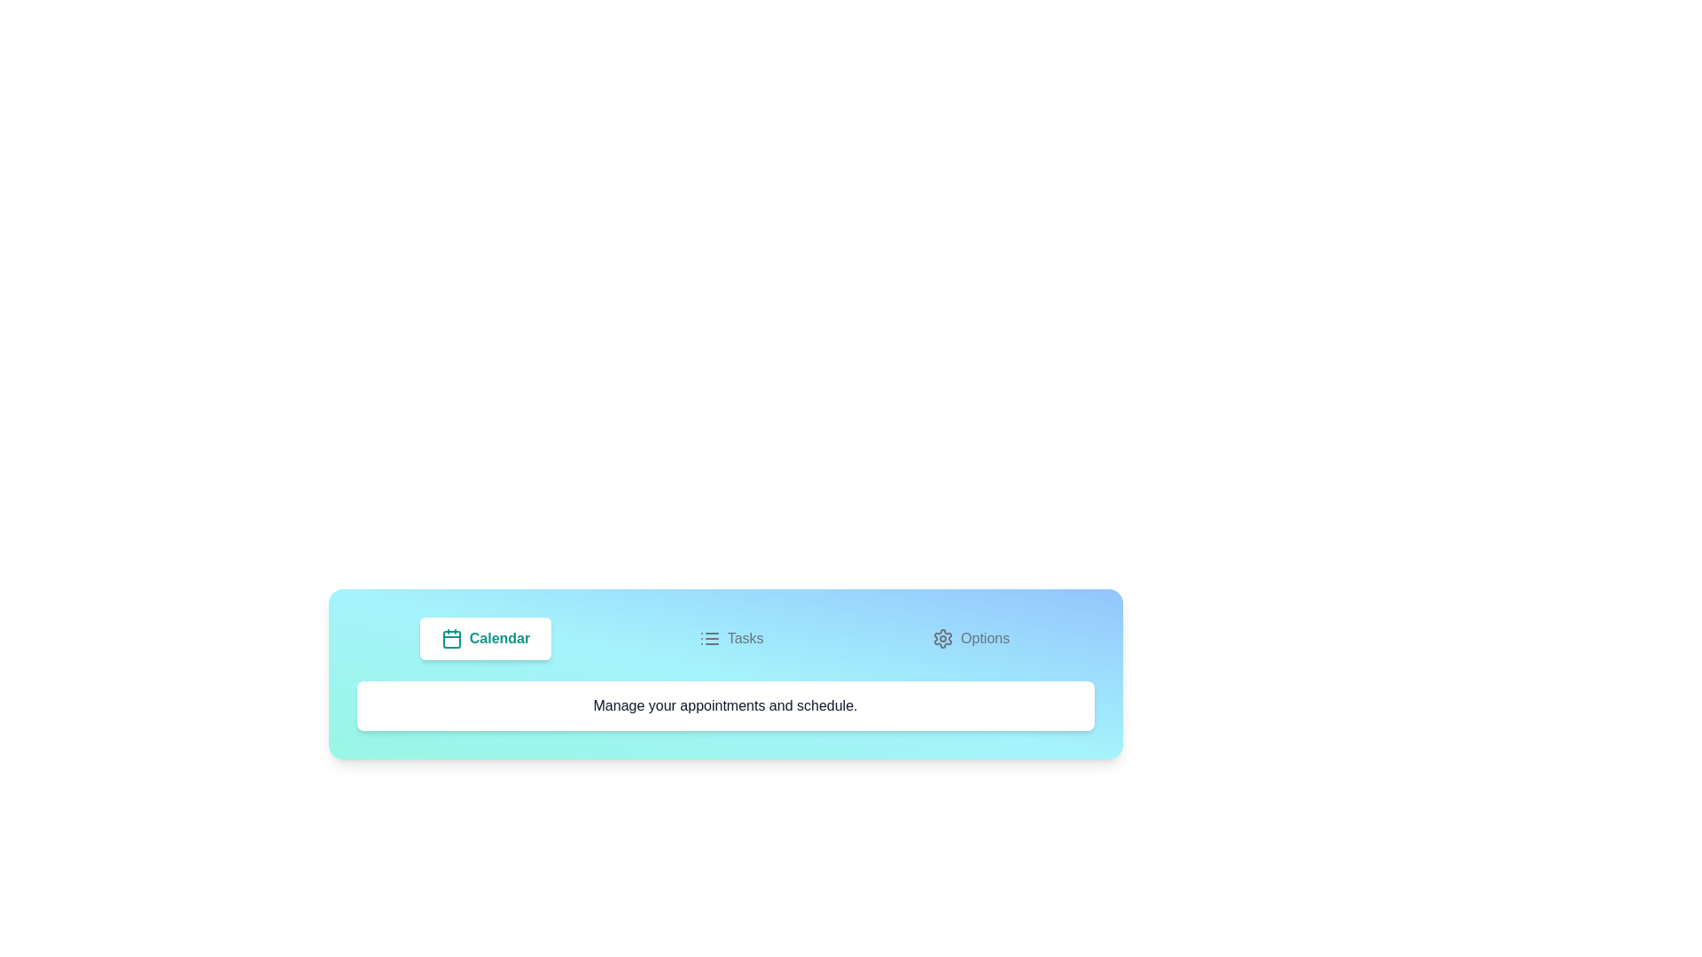  I want to click on the tab button labeled Tasks to switch to the corresponding tab, so click(731, 639).